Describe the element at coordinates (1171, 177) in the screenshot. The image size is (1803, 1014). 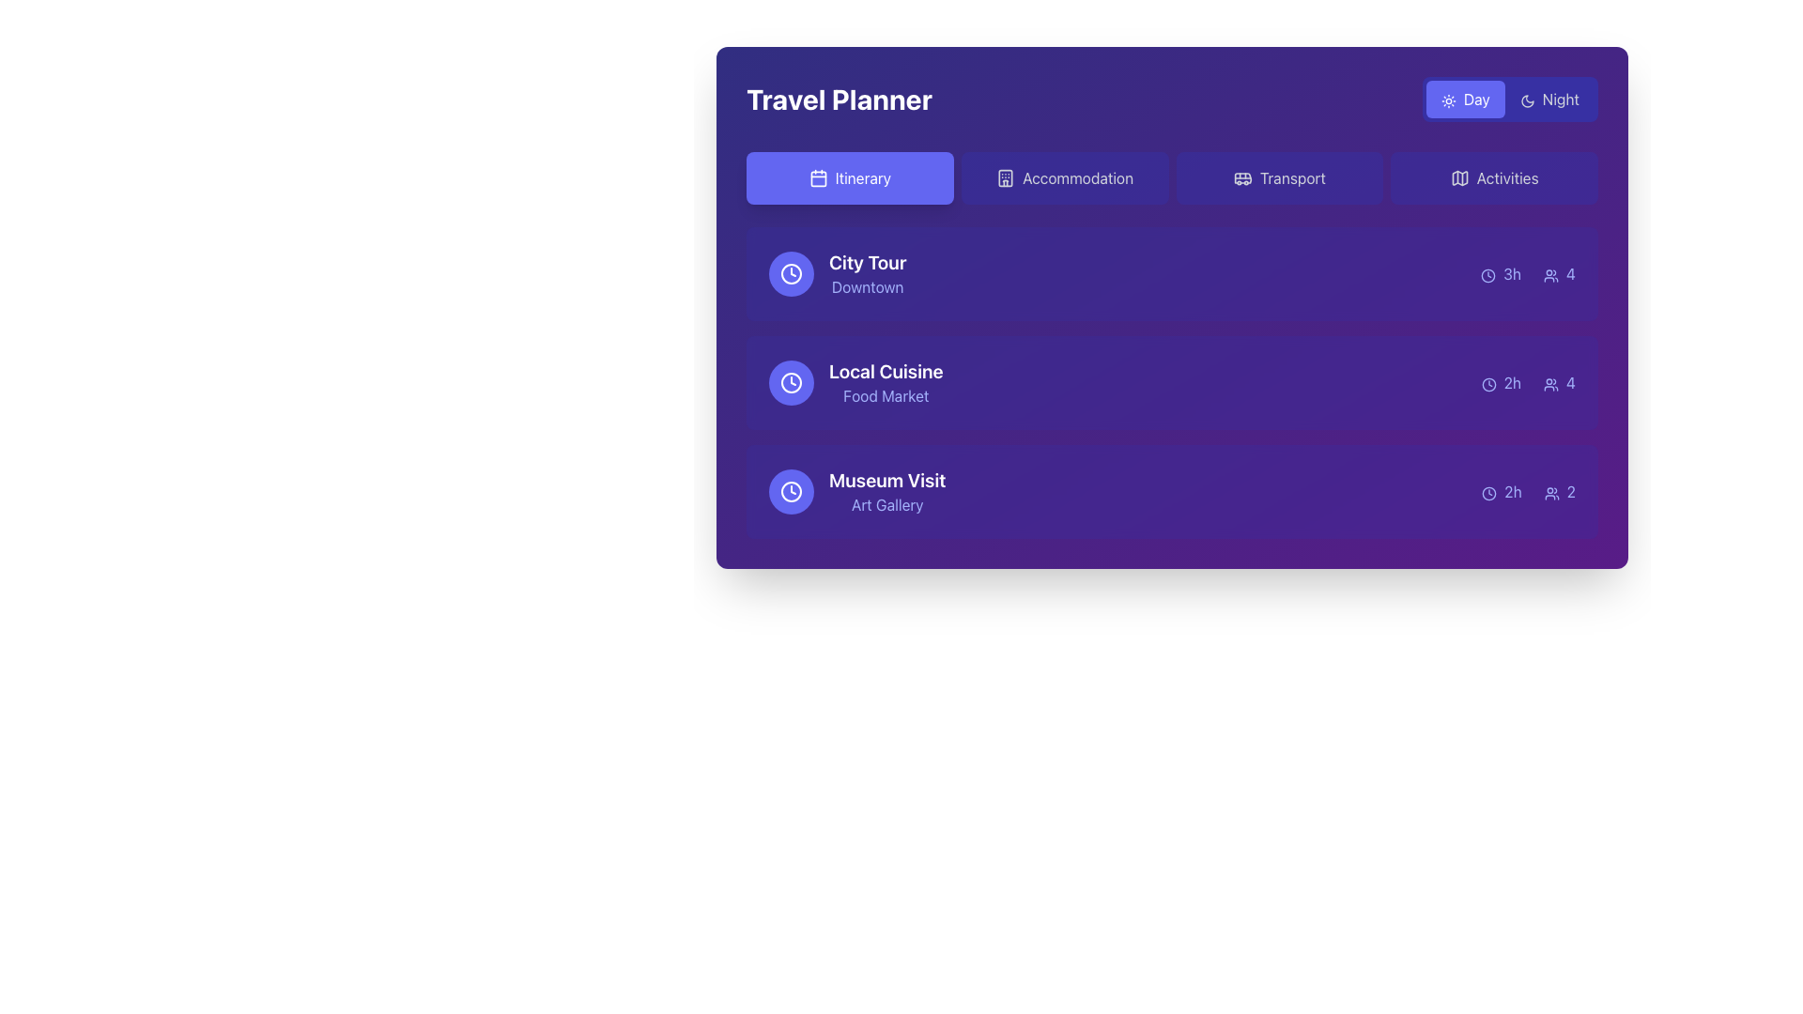
I see `the Navigation tab selector button` at that location.